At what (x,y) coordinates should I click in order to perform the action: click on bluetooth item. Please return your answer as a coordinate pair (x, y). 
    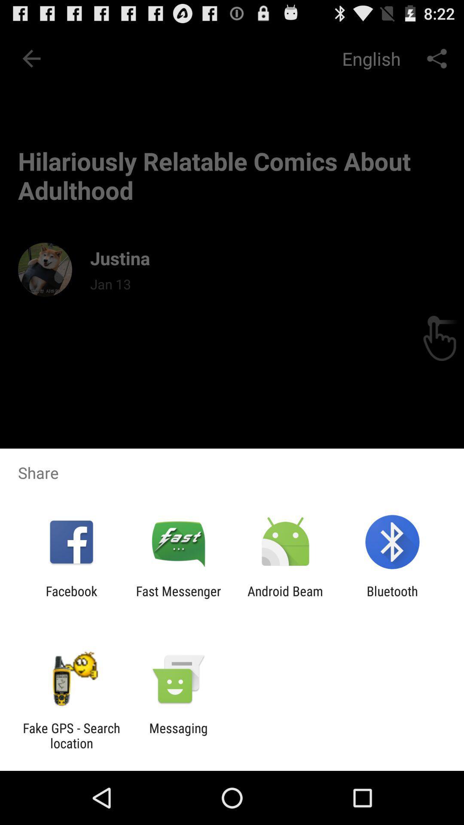
    Looking at the image, I should click on (392, 598).